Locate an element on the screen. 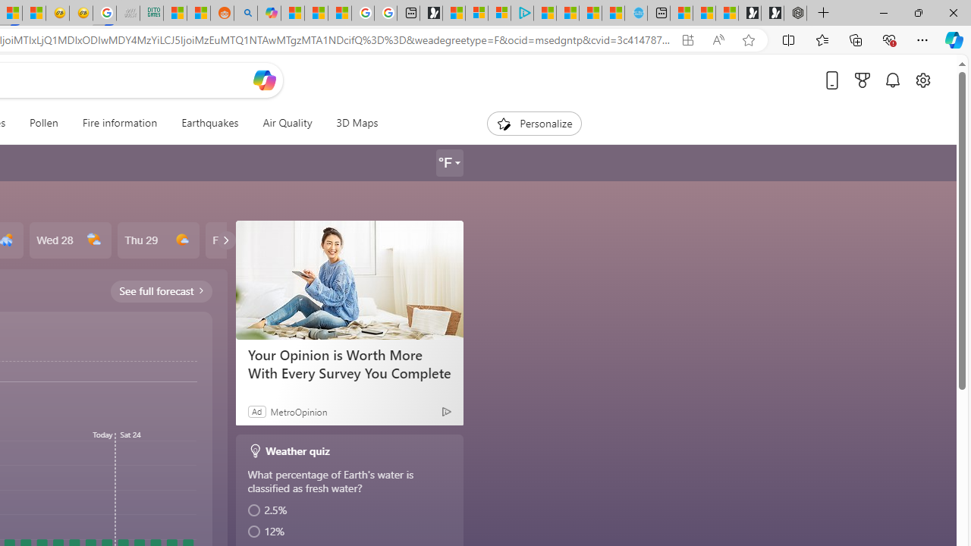 This screenshot has width=971, height=546. 'Collections' is located at coordinates (856, 39).